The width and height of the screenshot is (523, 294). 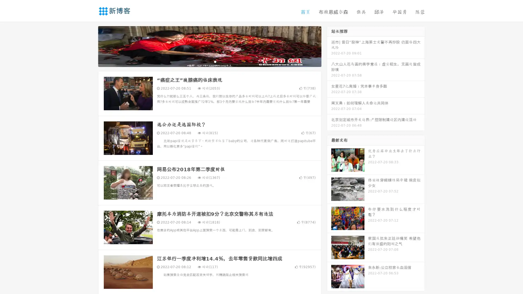 I want to click on Previous slide, so click(x=90, y=46).